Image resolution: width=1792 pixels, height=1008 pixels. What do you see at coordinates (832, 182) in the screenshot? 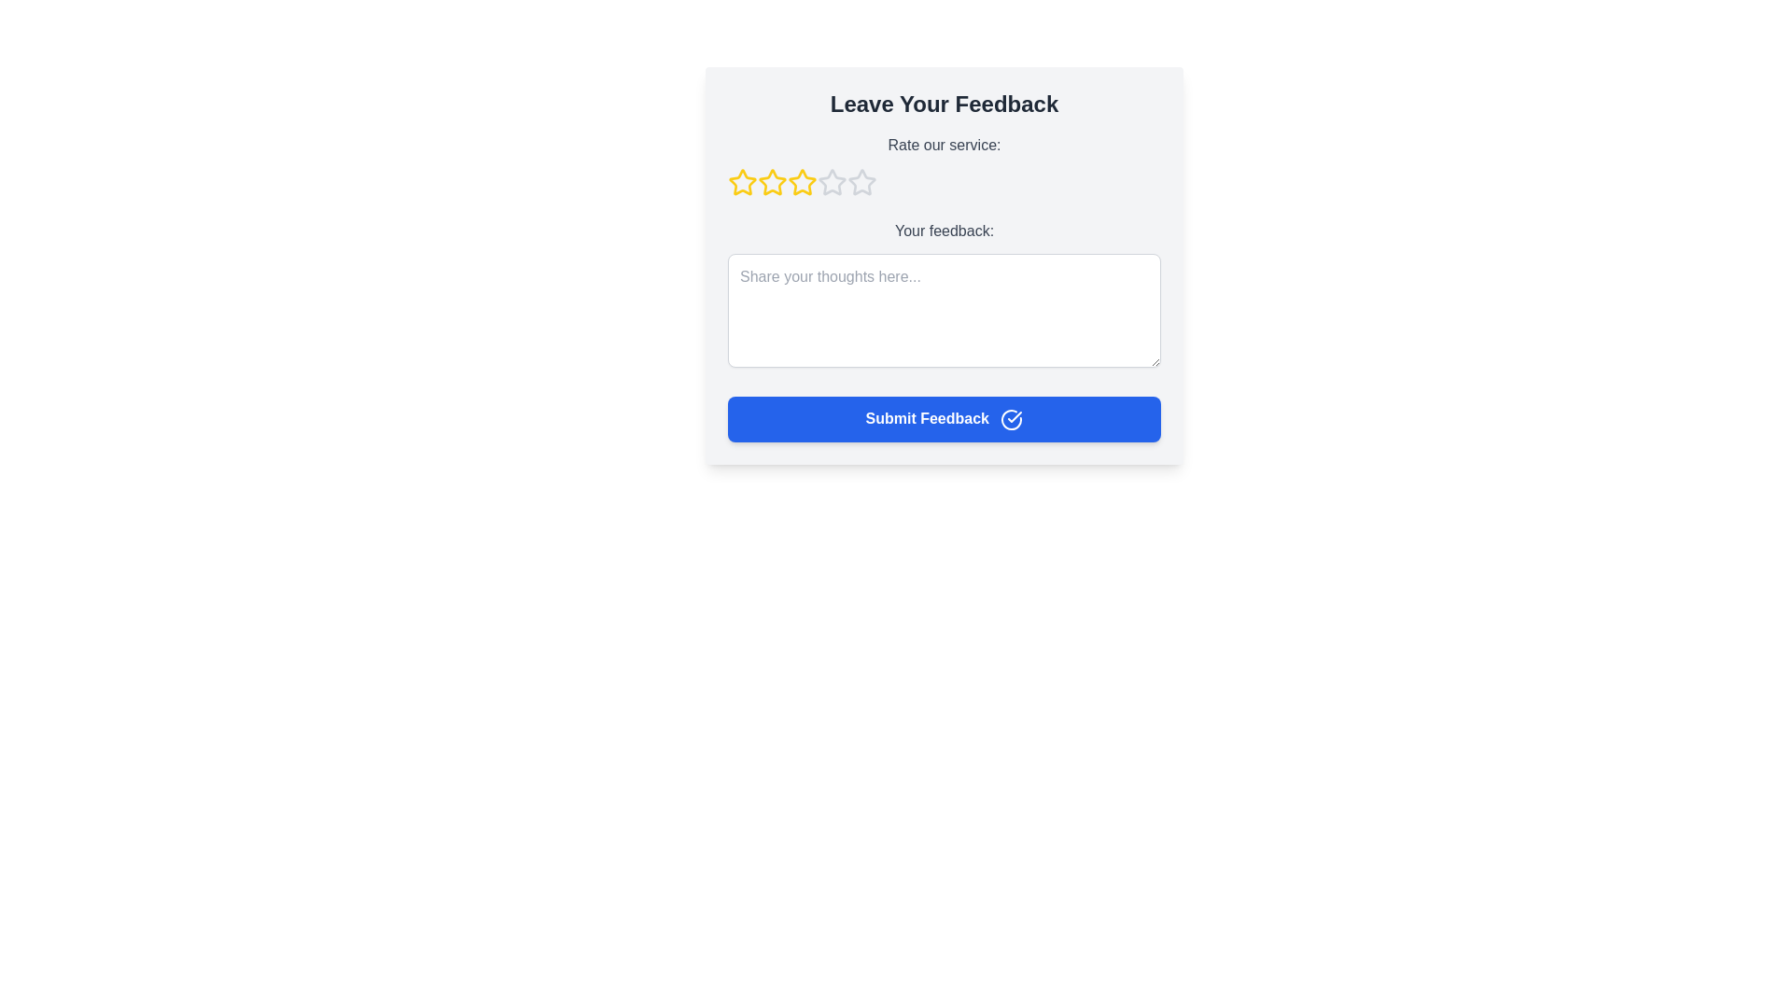
I see `the fourth star in the rating graphic to assign a four-star rating under the 'Rate our service' section` at bounding box center [832, 182].